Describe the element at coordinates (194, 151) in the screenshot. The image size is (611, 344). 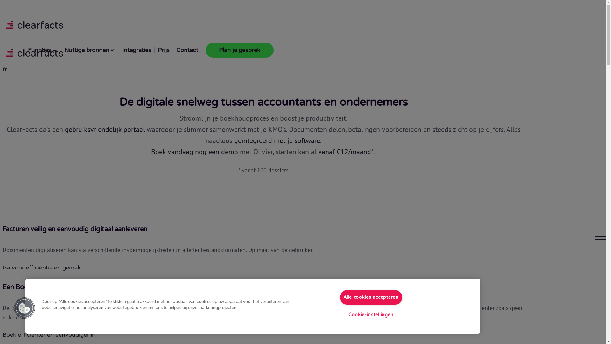
I see `'Boek vandaag nog een demo'` at that location.